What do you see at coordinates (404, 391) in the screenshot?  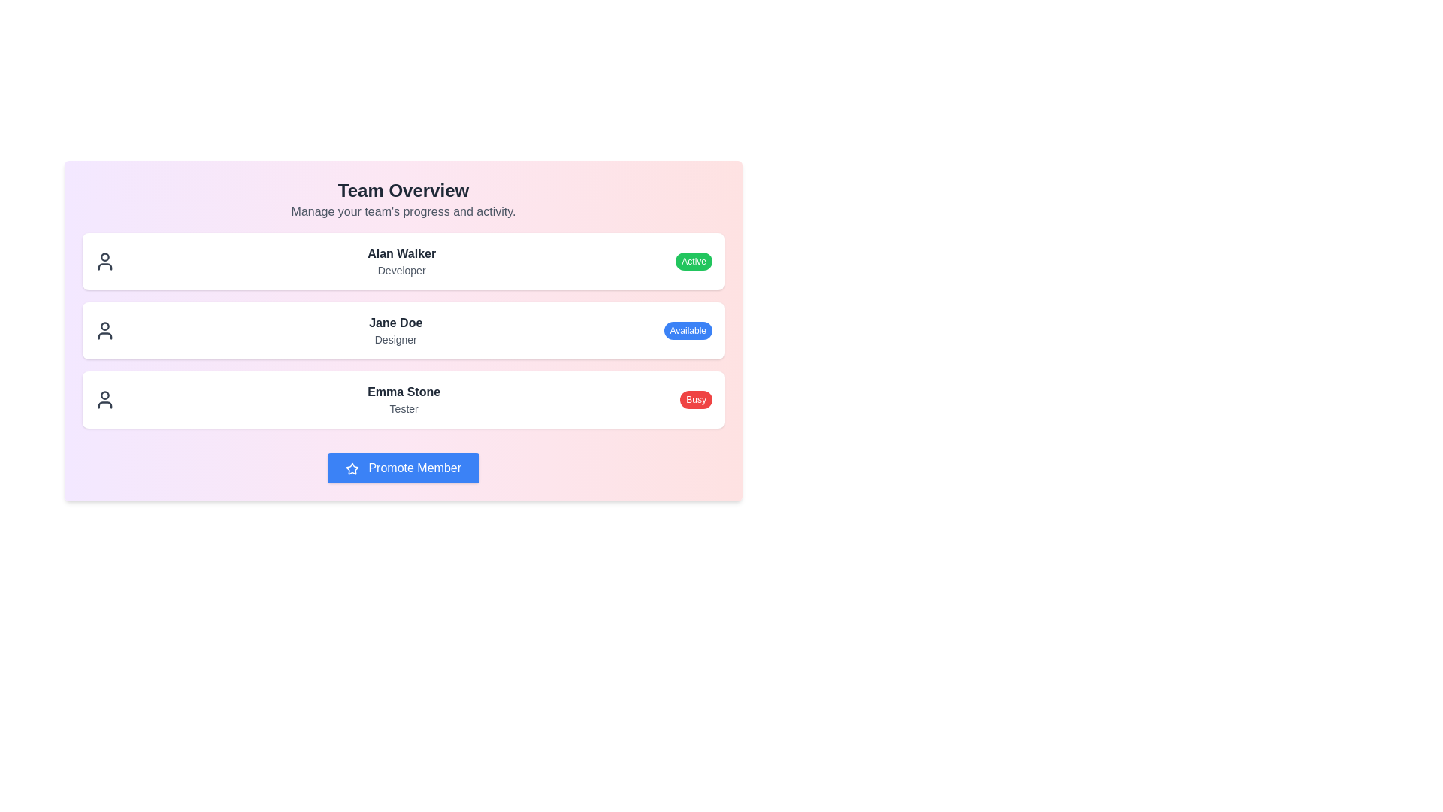 I see `the Text Label displaying the name of the team member, Emma Stone, which is located centrally in the row corresponding to her information` at bounding box center [404, 391].